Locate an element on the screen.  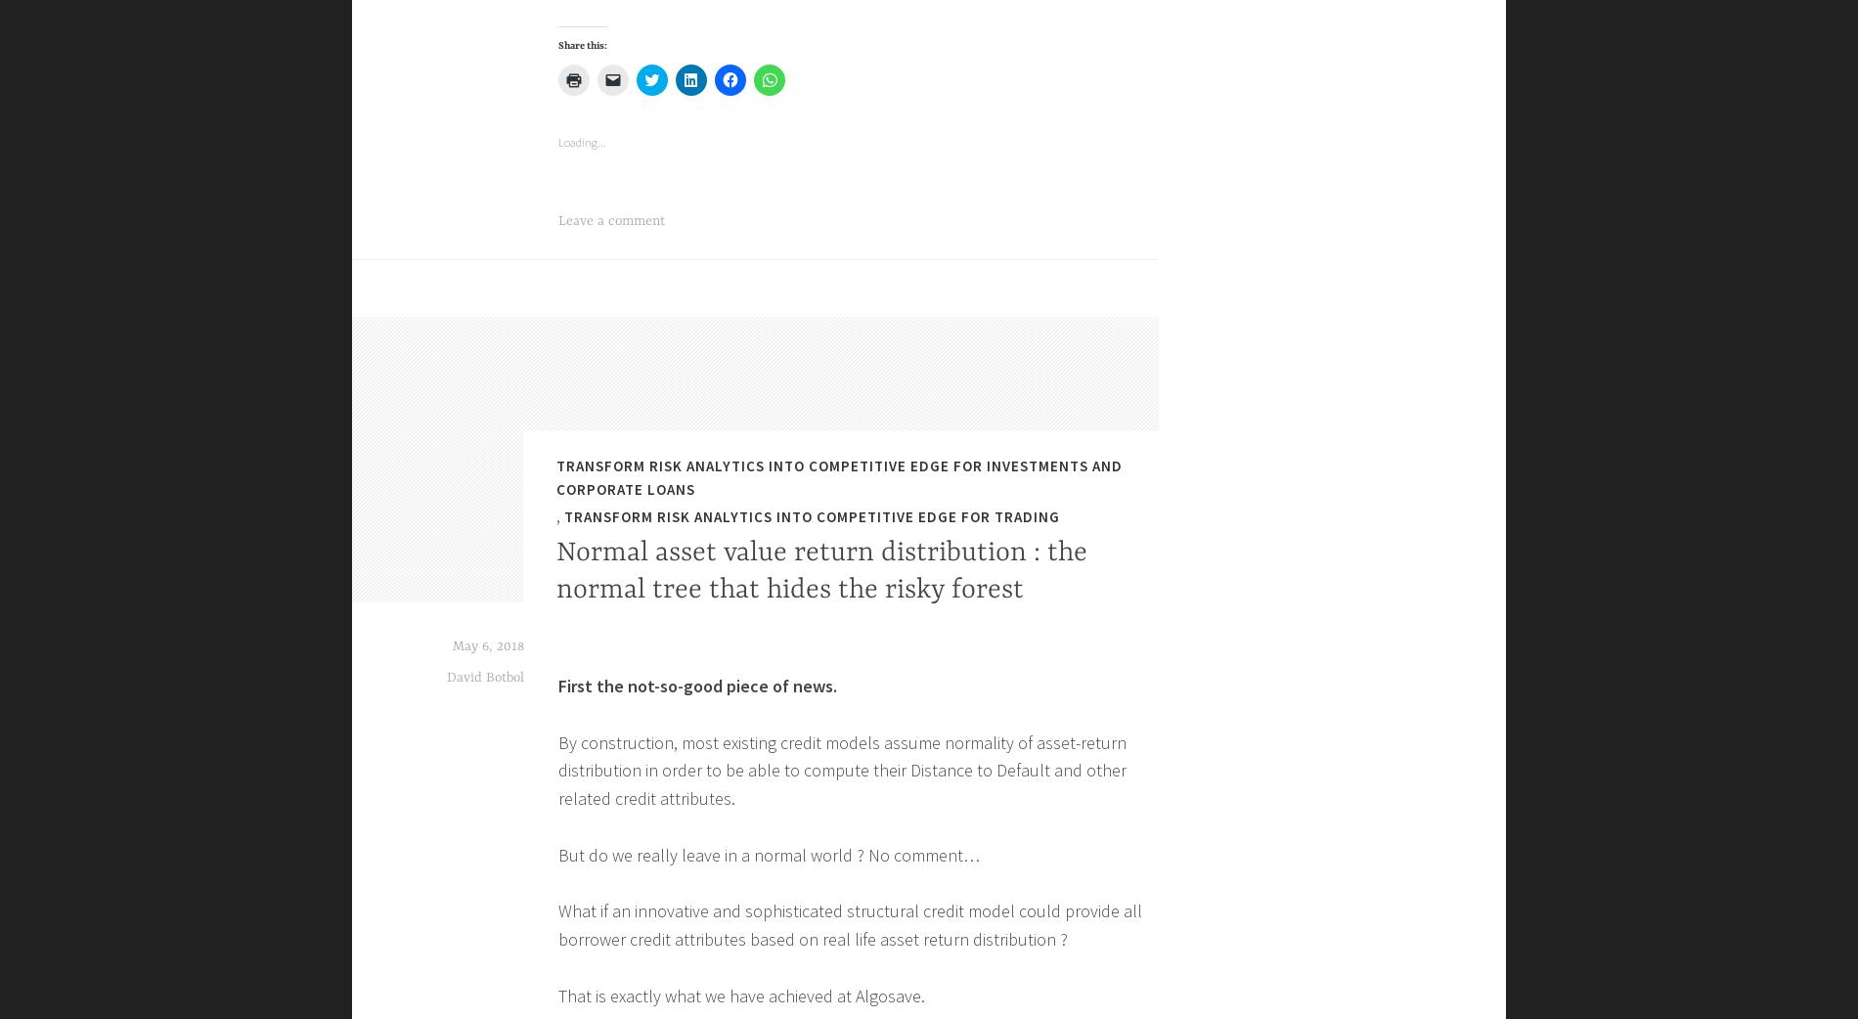
'Loading...' is located at coordinates (582, 960).